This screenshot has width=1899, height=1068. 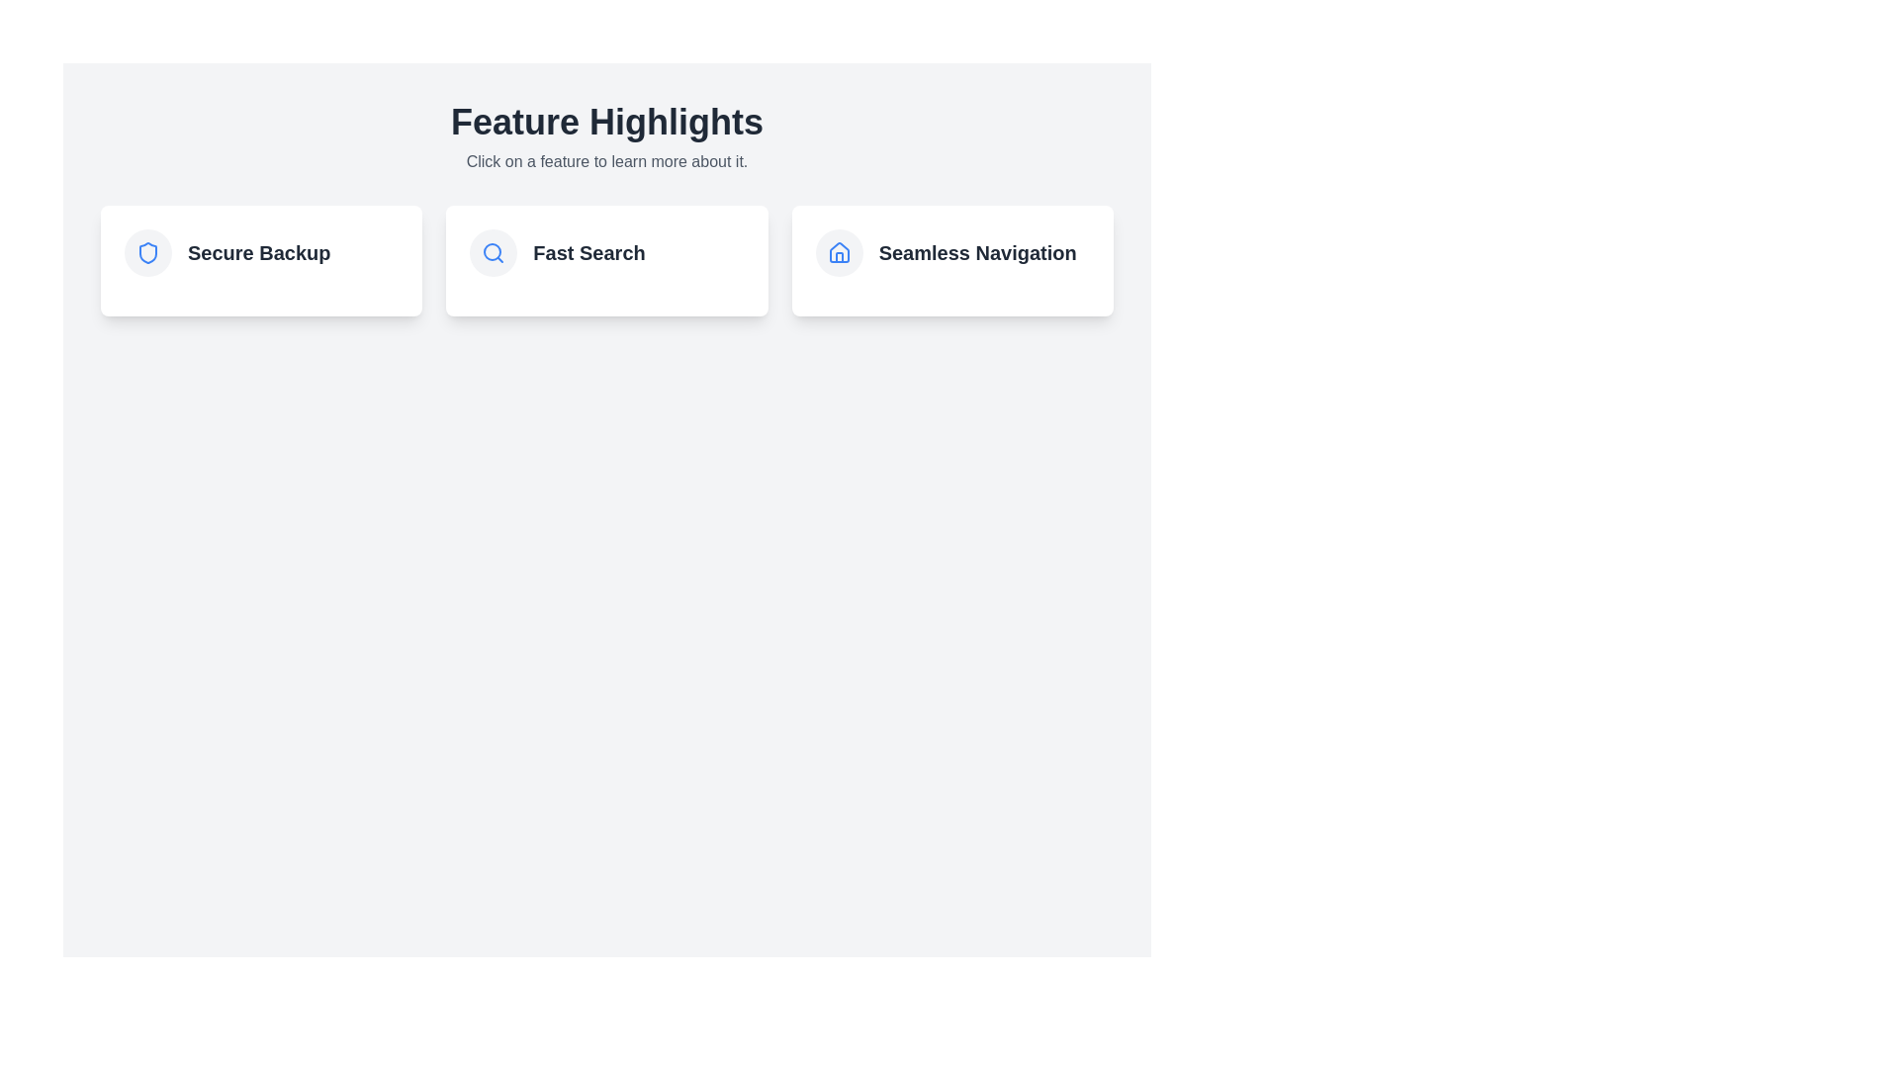 I want to click on the circular icon with a light gray fill and blue shield outline located in the 'Secure Backup' card on the left side of the interface, so click(x=146, y=251).